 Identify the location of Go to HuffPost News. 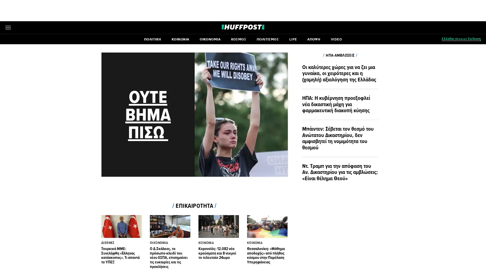
(243, 27).